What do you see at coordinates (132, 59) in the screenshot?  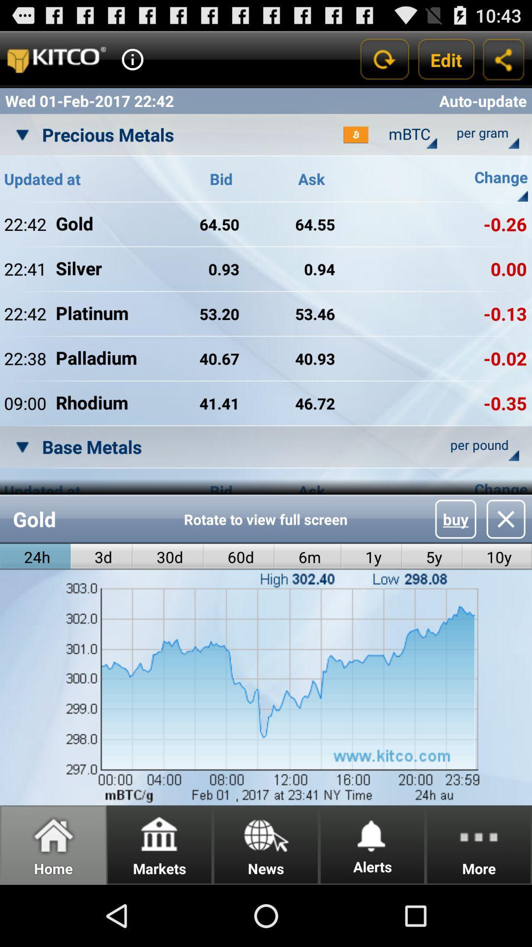 I see `show info` at bounding box center [132, 59].